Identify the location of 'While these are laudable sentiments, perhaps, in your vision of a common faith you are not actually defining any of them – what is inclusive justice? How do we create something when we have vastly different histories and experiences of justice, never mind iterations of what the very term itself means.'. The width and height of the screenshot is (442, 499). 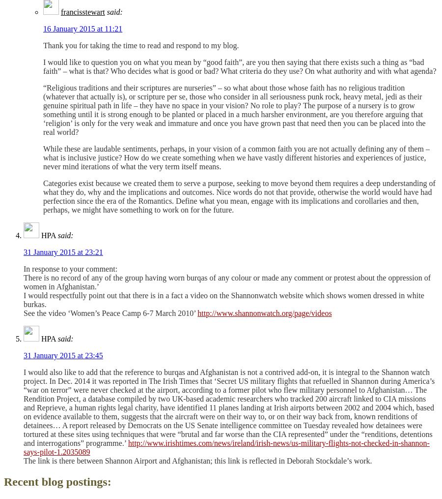
(235, 157).